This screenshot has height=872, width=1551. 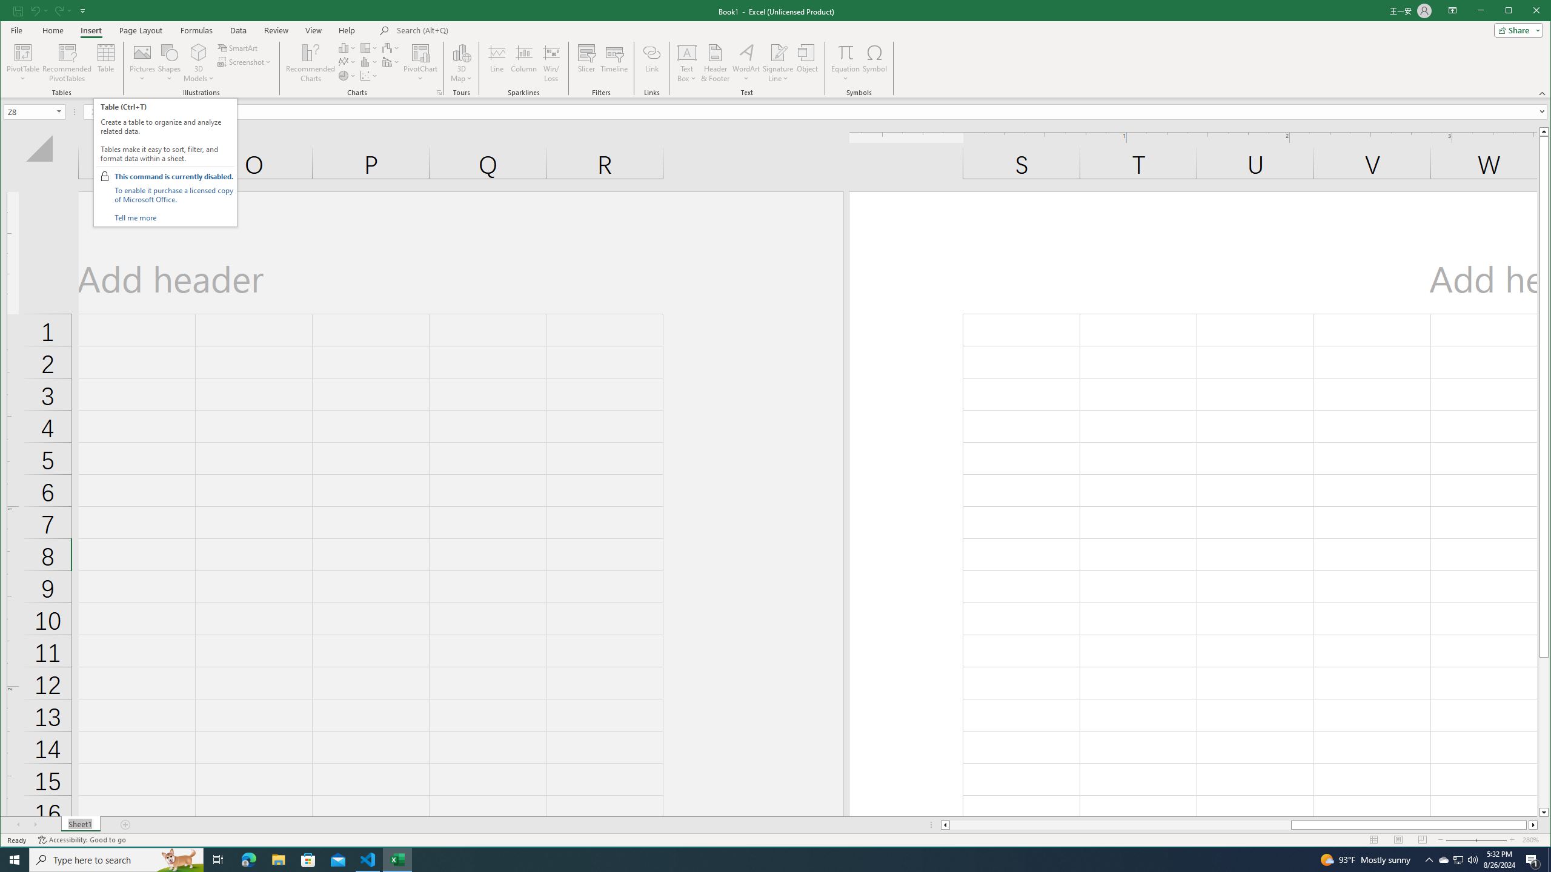 What do you see at coordinates (347, 62) in the screenshot?
I see `'Insert Line or Area Chart'` at bounding box center [347, 62].